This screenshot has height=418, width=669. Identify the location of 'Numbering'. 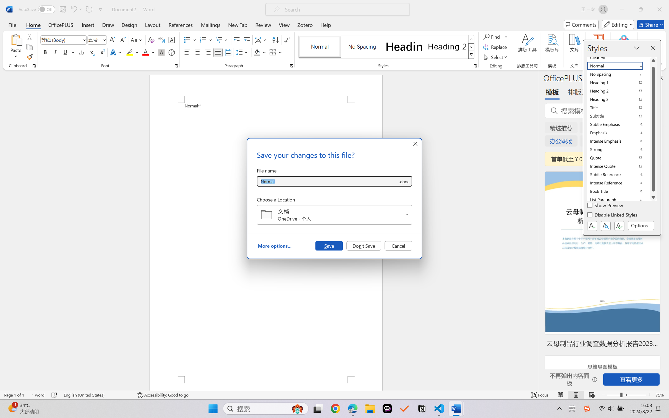
(203, 40).